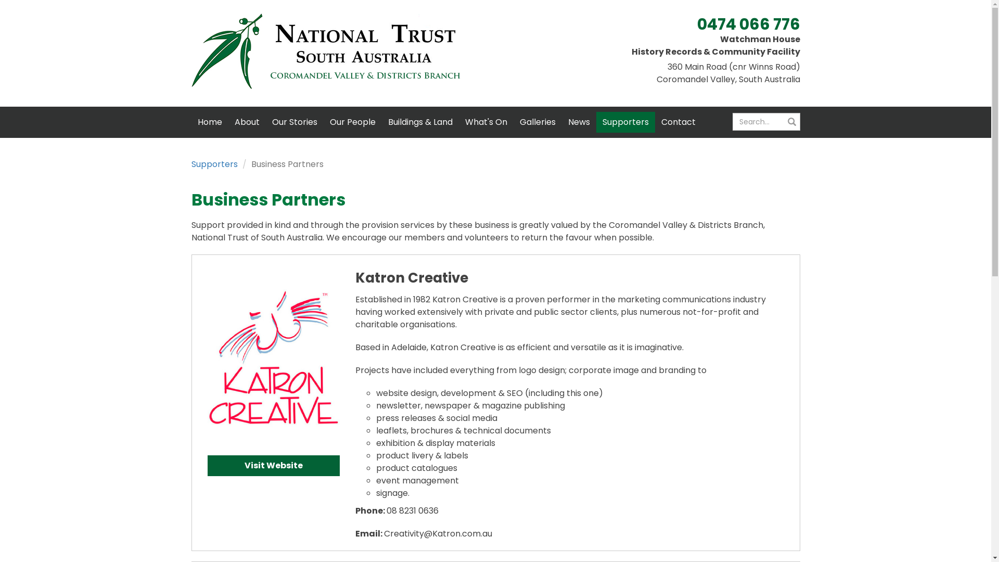  What do you see at coordinates (293, 122) in the screenshot?
I see `'Our Stories'` at bounding box center [293, 122].